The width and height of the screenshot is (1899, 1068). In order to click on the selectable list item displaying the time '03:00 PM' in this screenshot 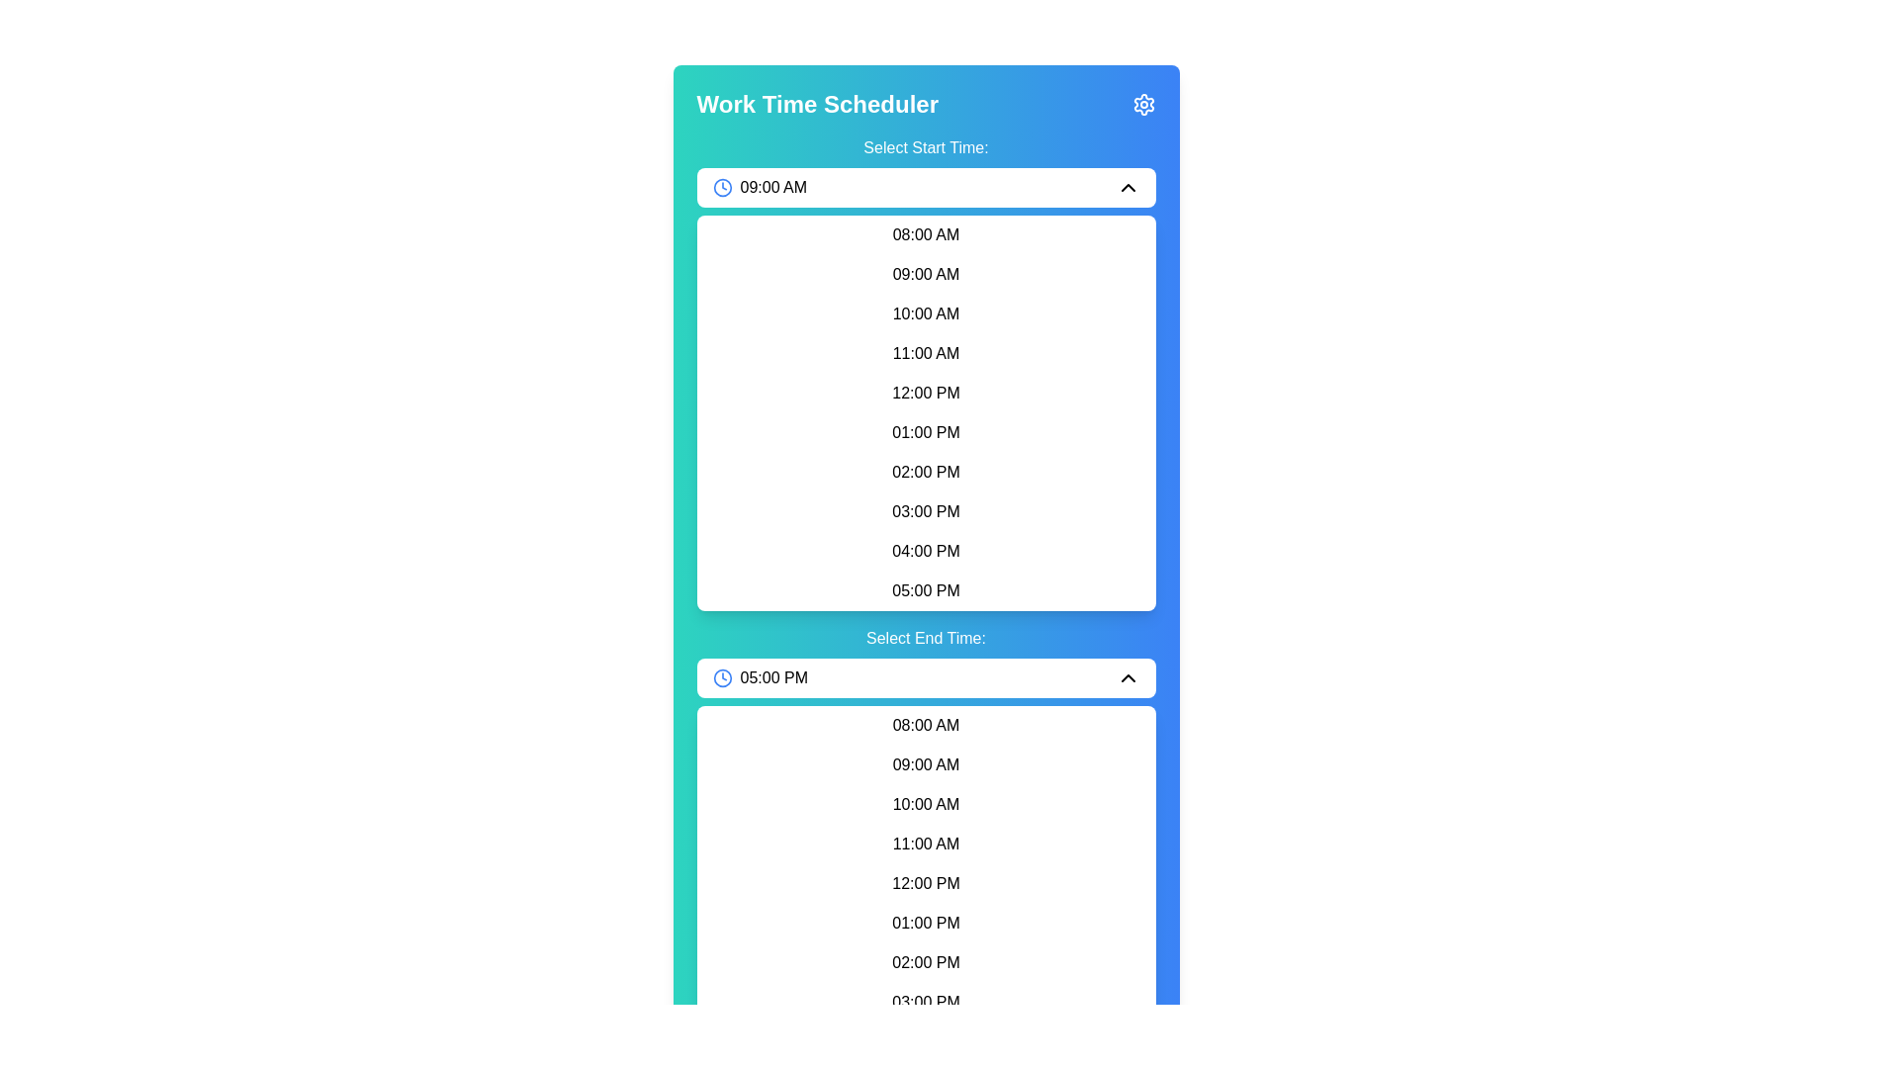, I will do `click(925, 510)`.